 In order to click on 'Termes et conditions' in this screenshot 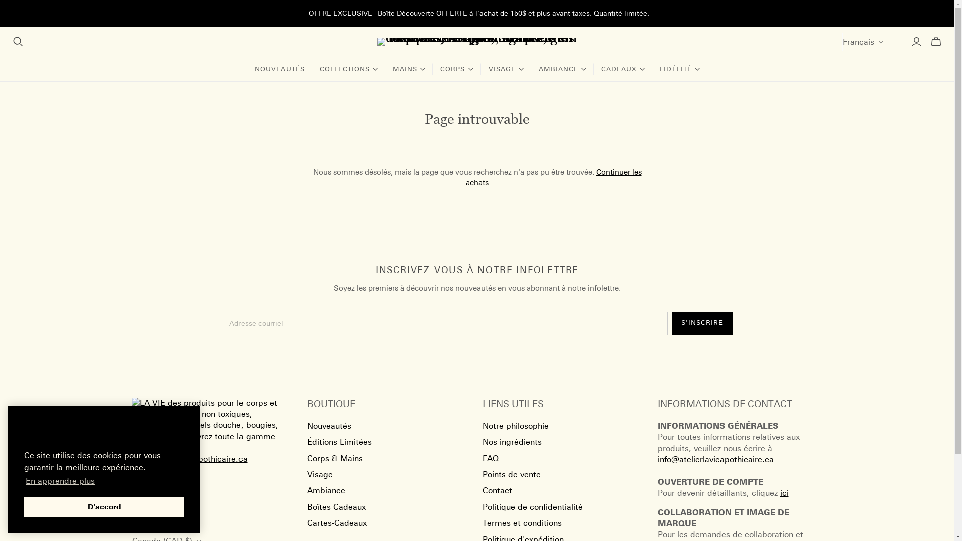, I will do `click(521, 522)`.